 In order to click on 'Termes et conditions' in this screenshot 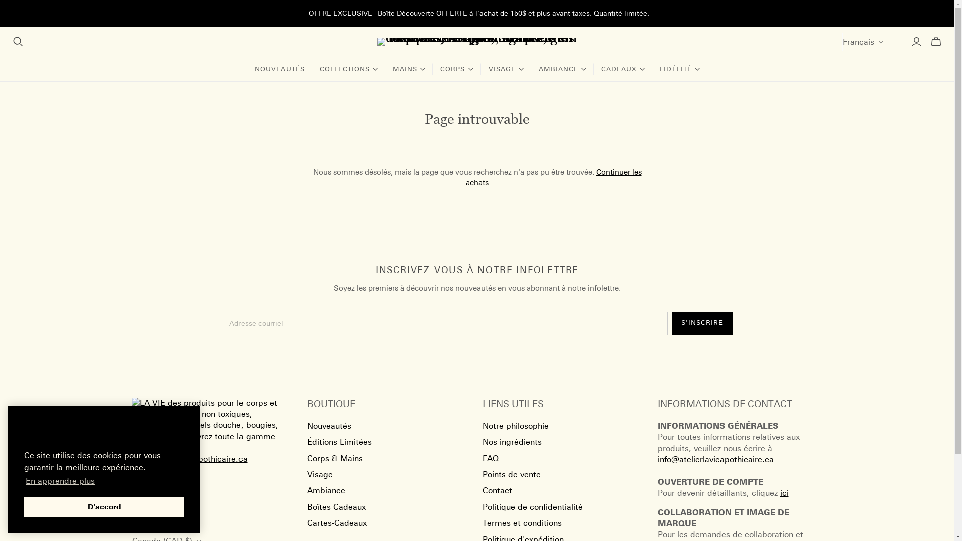, I will do `click(521, 522)`.